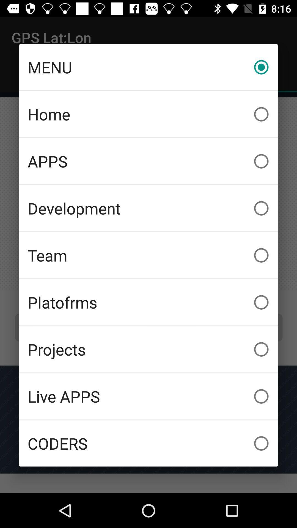 The width and height of the screenshot is (297, 528). I want to click on home item, so click(148, 114).